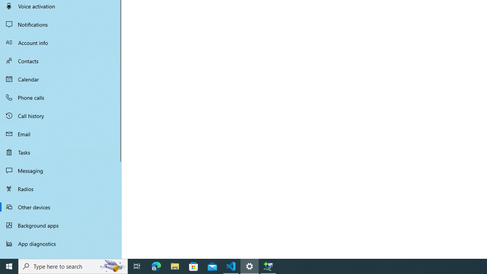 The width and height of the screenshot is (487, 274). I want to click on 'Account info', so click(61, 42).